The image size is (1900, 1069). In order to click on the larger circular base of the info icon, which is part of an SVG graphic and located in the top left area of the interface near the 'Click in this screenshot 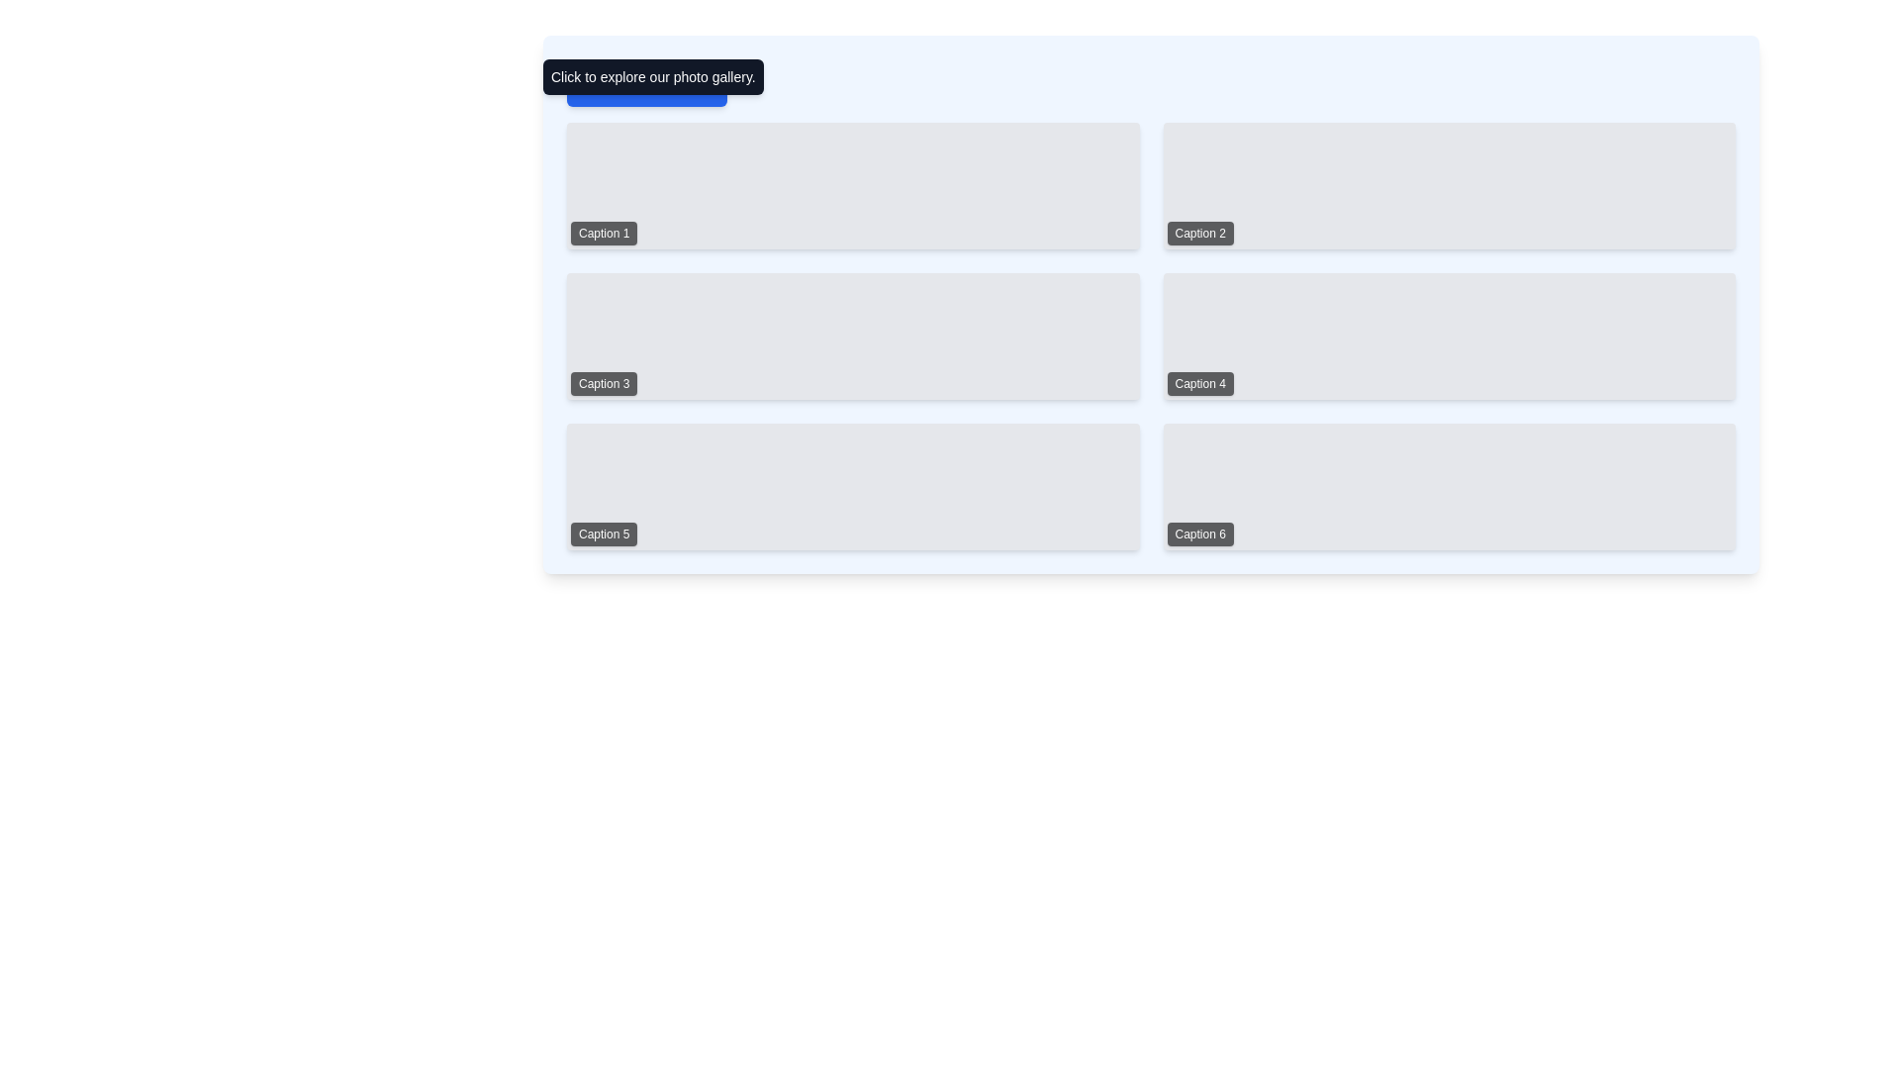, I will do `click(596, 82)`.